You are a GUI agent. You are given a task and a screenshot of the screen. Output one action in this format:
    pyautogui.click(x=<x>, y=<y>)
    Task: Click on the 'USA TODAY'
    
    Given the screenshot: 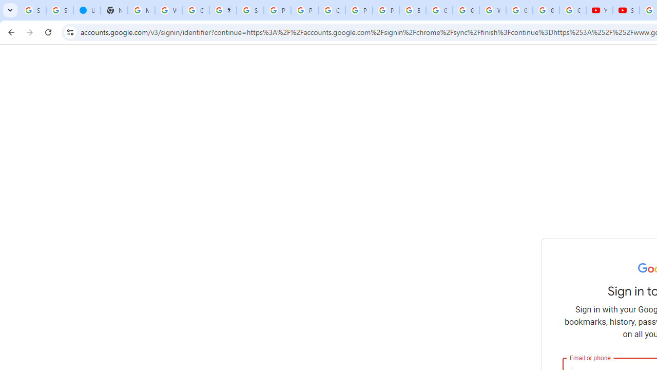 What is the action you would take?
    pyautogui.click(x=87, y=10)
    